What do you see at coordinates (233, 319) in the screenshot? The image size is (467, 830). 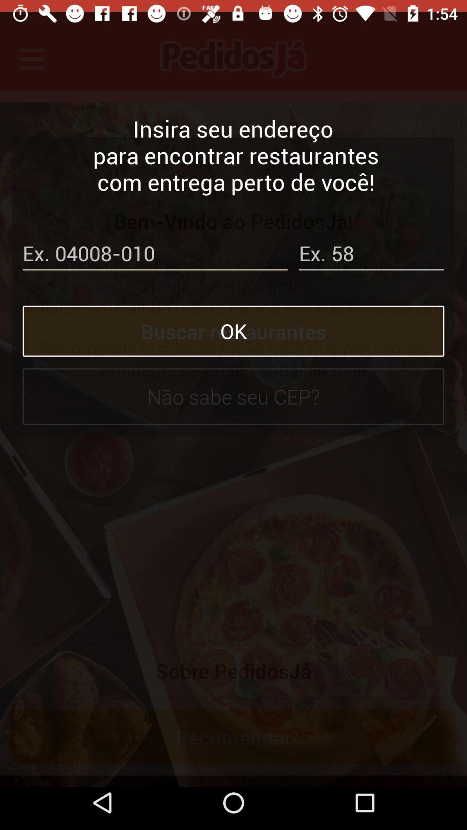 I see `the buscar restaurantes icon` at bounding box center [233, 319].